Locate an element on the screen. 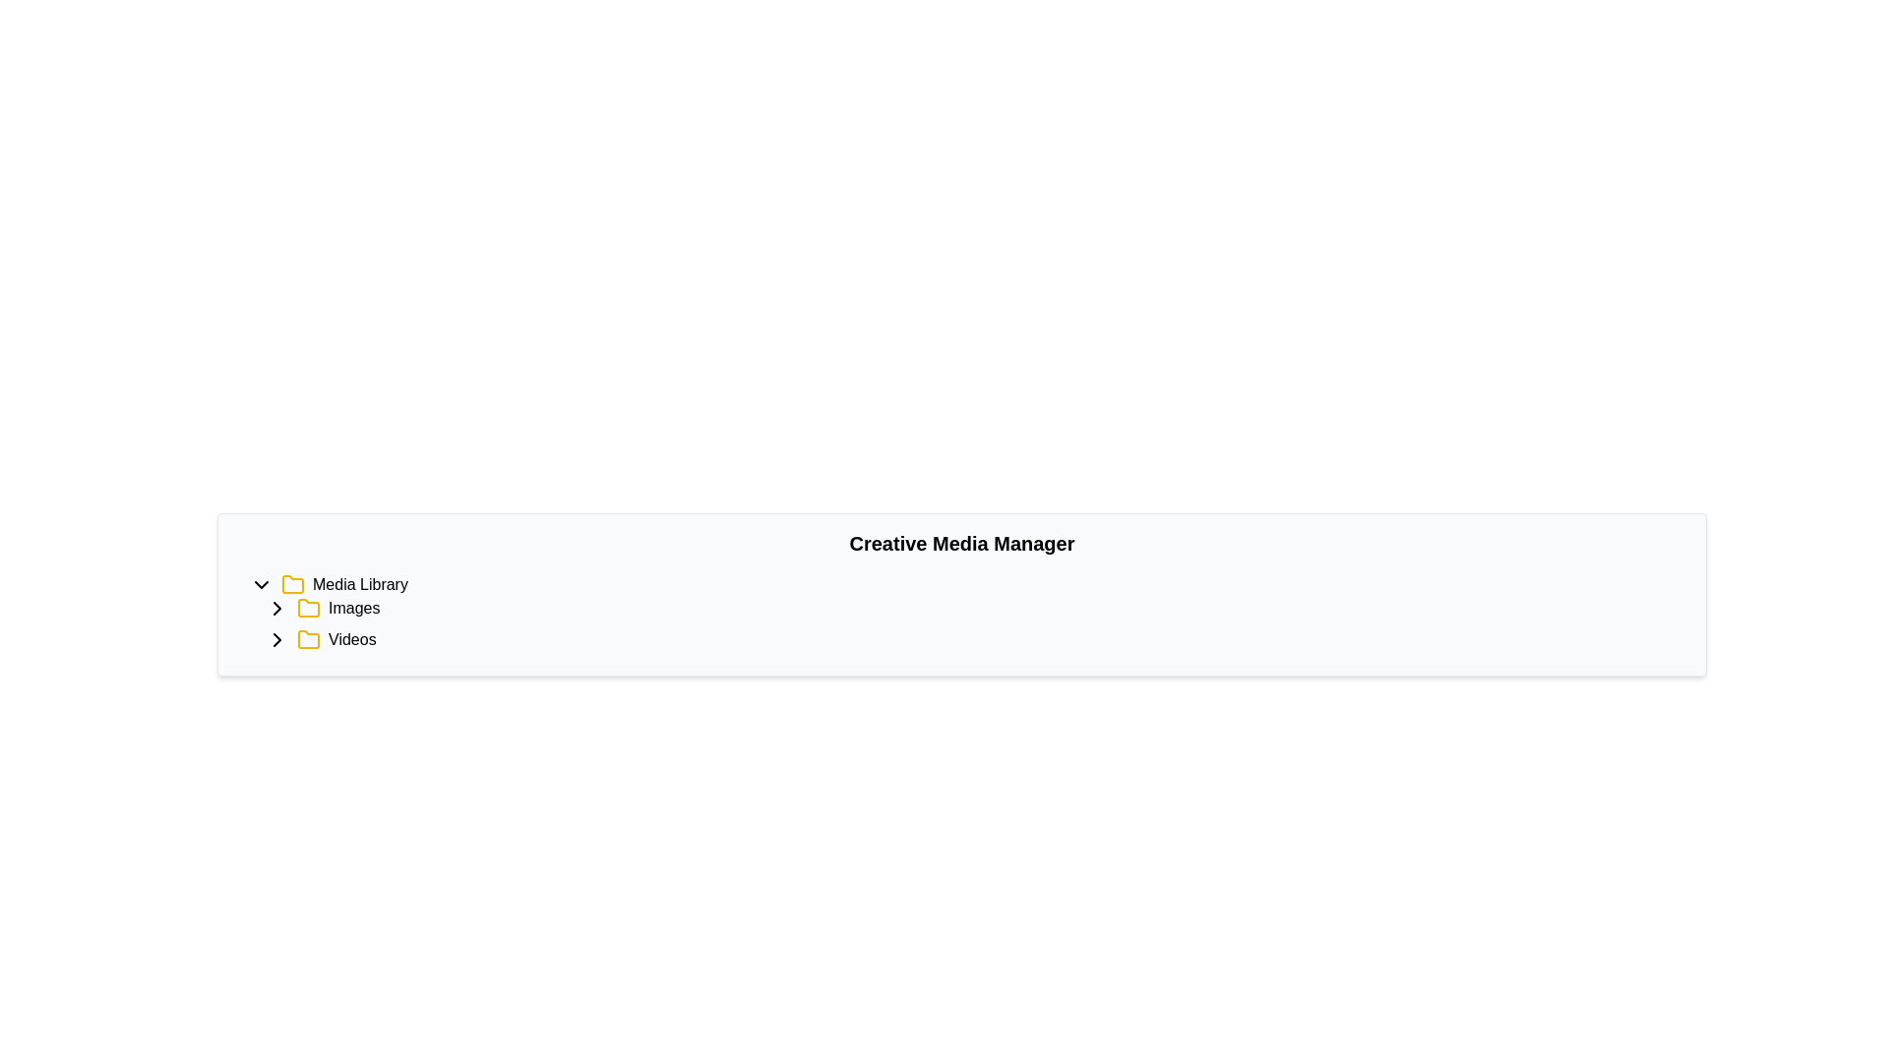 The height and width of the screenshot is (1062, 1889). the folder icon representing the 'Media Library', which is located to the left of the 'Media Library' text label in the hierarchical navigation panel is located at coordinates (291, 583).